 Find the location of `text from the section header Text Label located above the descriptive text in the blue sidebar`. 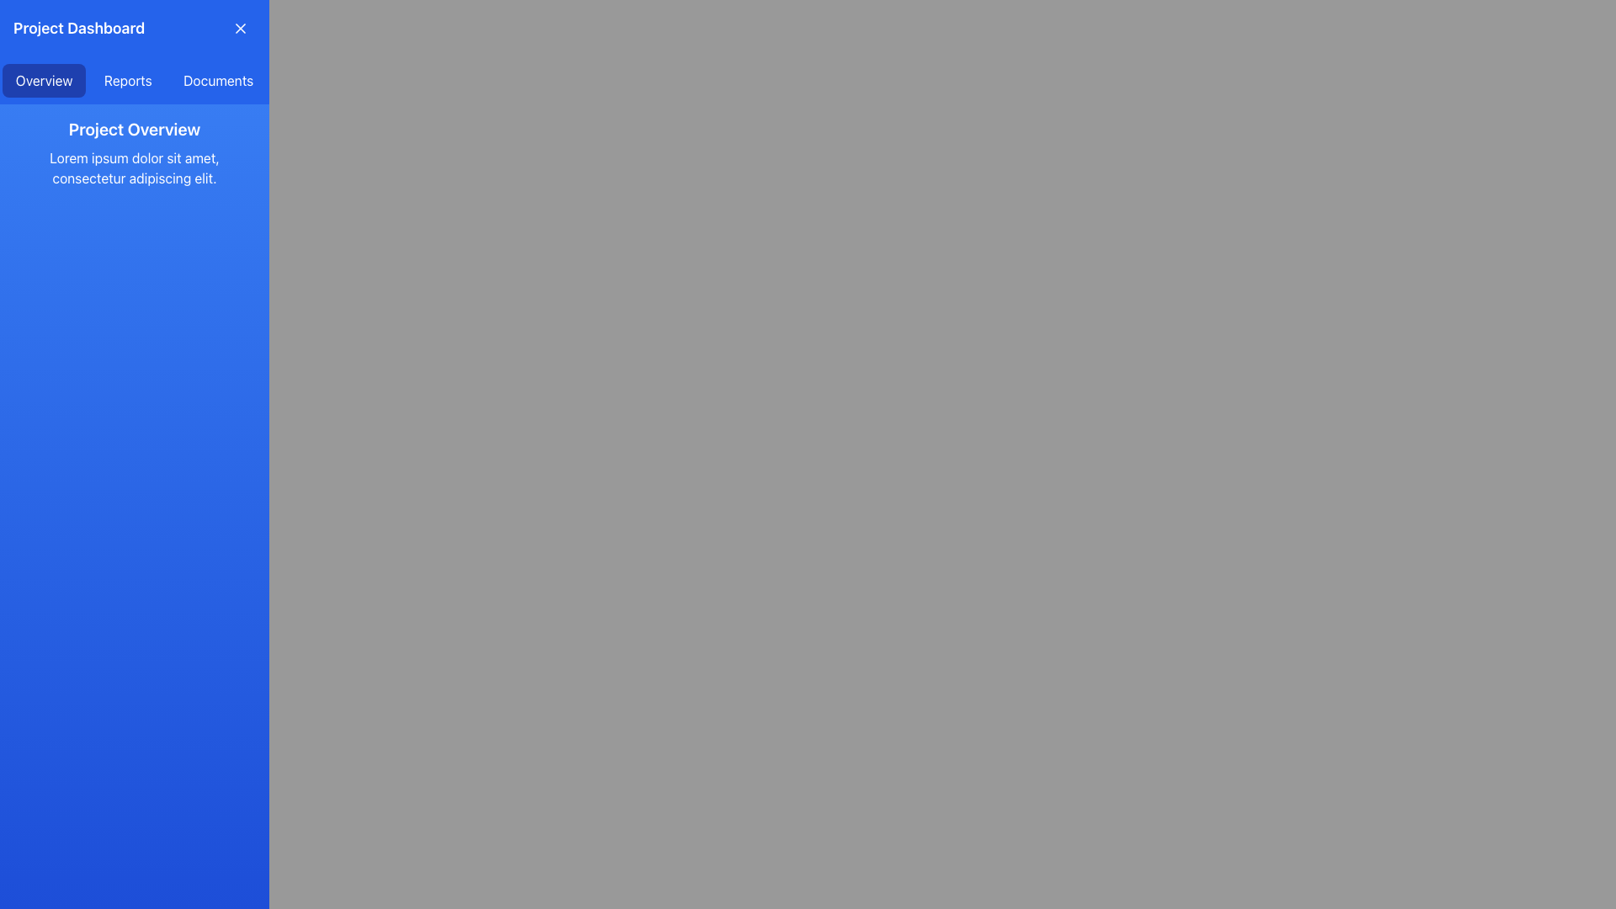

text from the section header Text Label located above the descriptive text in the blue sidebar is located at coordinates (133, 129).